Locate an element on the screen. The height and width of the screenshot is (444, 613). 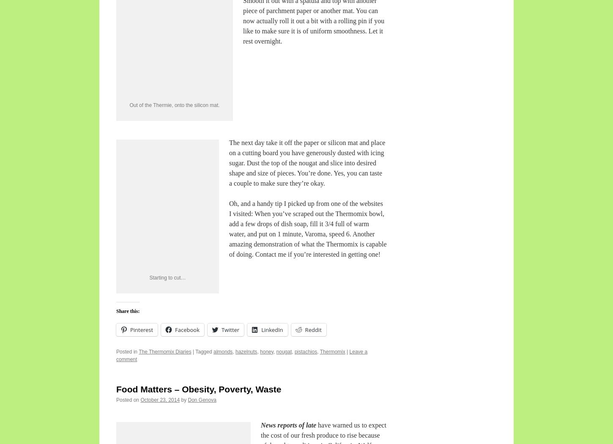
'Posted on' is located at coordinates (128, 400).